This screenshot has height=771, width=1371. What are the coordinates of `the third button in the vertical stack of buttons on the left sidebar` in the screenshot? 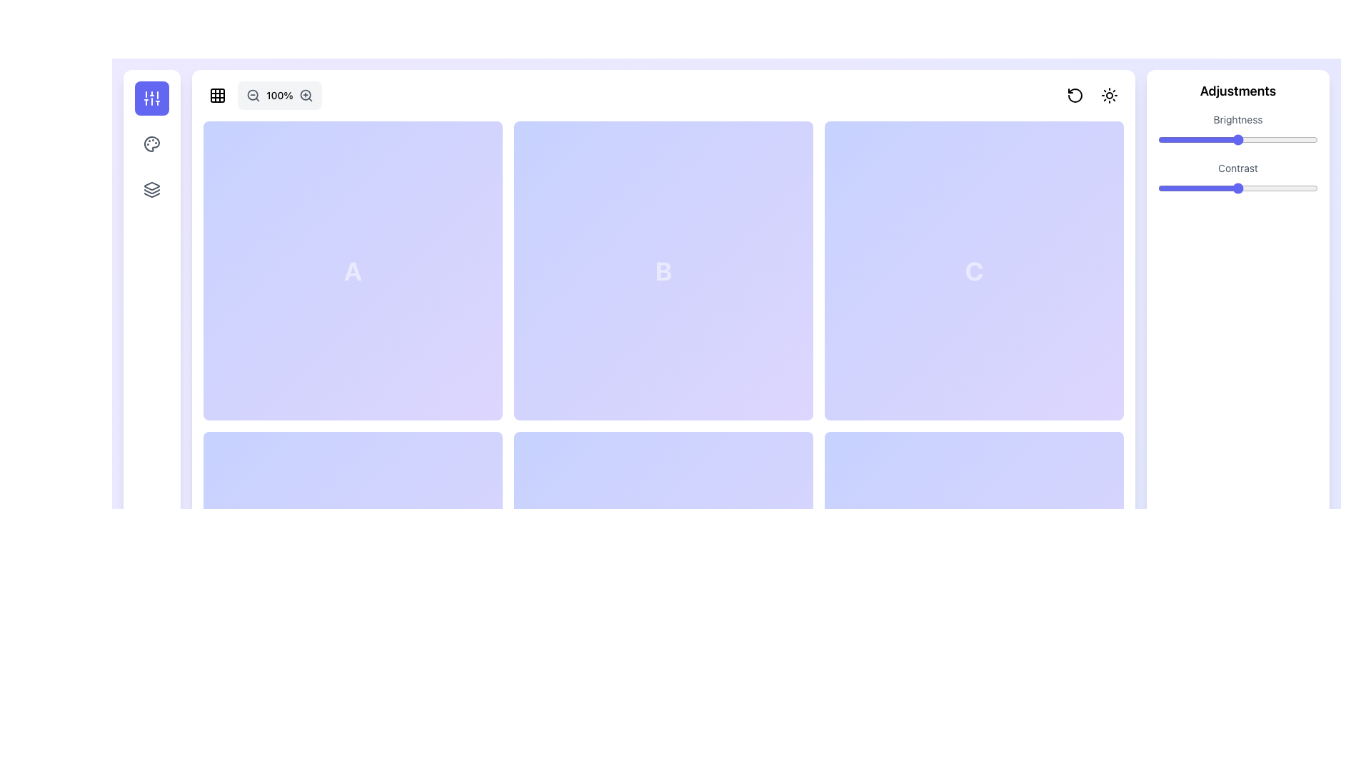 It's located at (151, 189).